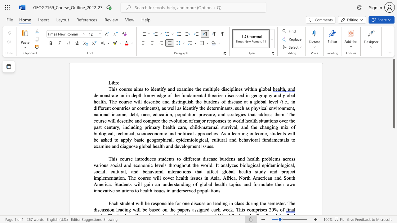 The image size is (397, 223). Describe the element at coordinates (394, 185) in the screenshot. I see `the scrollbar on the side` at that location.